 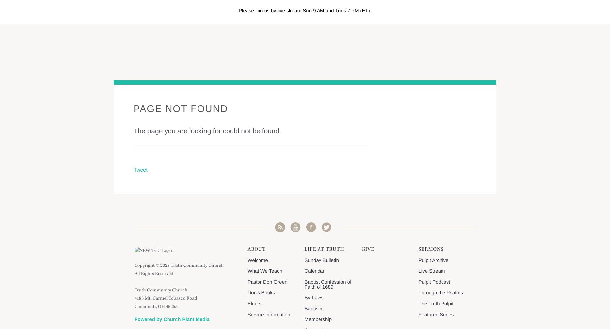 What do you see at coordinates (134, 319) in the screenshot?
I see `'Powered by Church Plant Media'` at bounding box center [134, 319].